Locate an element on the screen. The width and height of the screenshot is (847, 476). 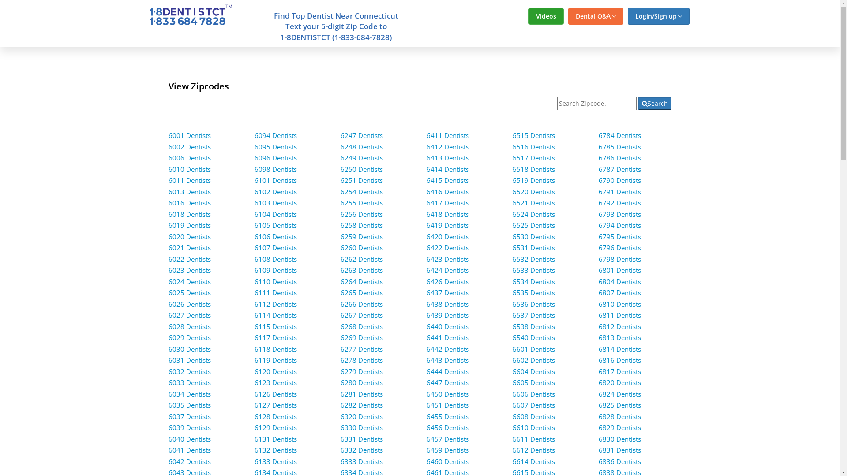
'6249 Dentists' is located at coordinates (362, 157).